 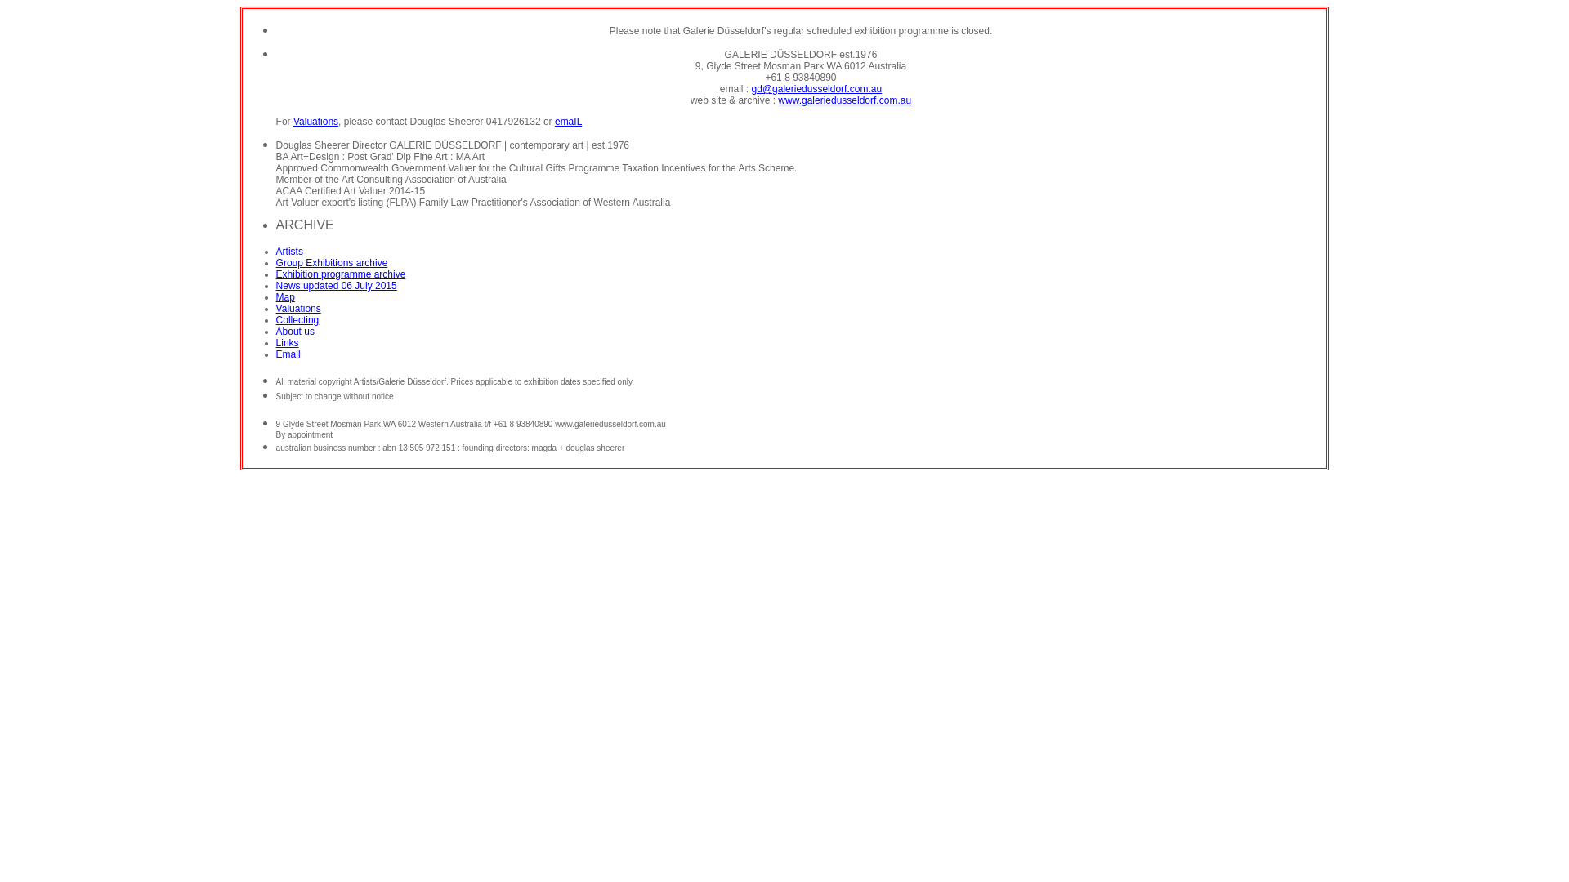 I want to click on 'News updated 06 July 2015', so click(x=336, y=285).